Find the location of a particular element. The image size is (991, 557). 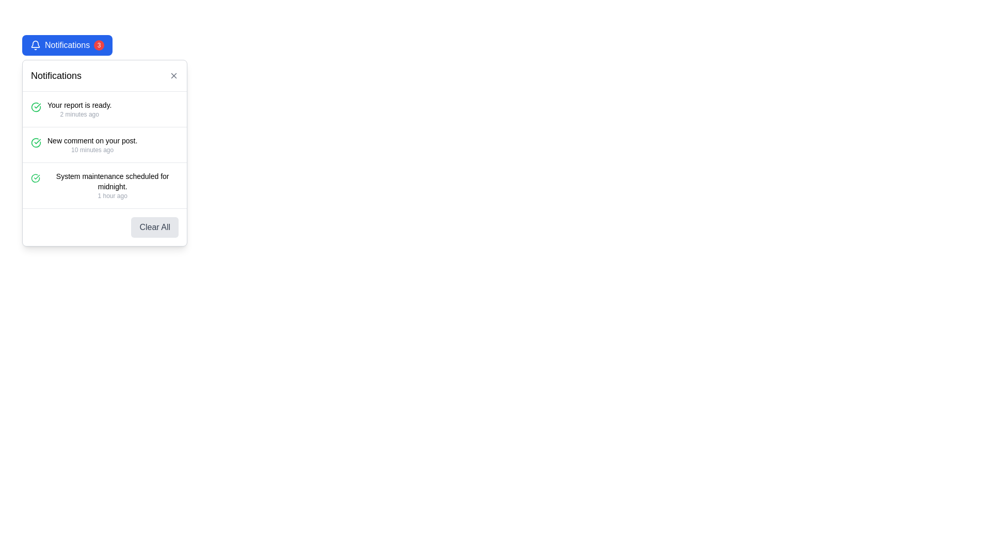

the Text Label that serves as the primary notification message related to the user's post, positioned above the time indicator '10 minutes ago' is located at coordinates (92, 141).